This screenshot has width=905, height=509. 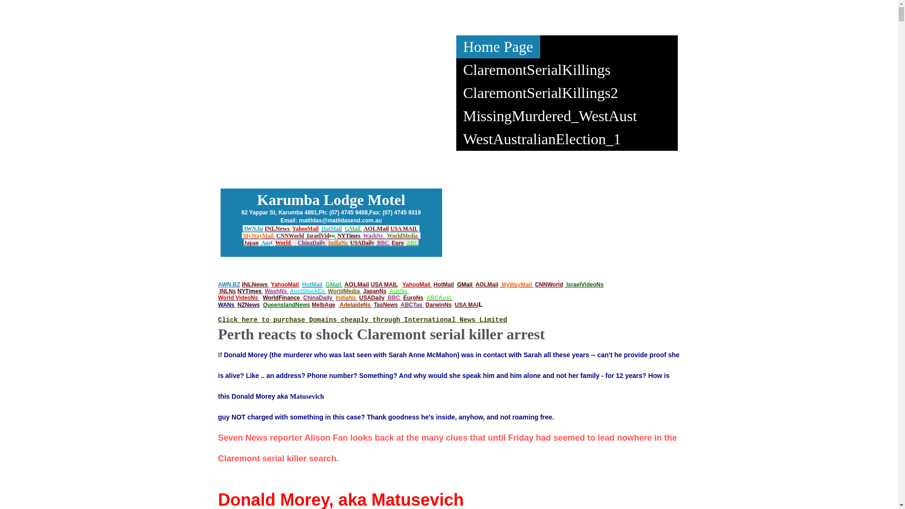 What do you see at coordinates (243, 235) in the screenshot?
I see `'MyWayMail'` at bounding box center [243, 235].